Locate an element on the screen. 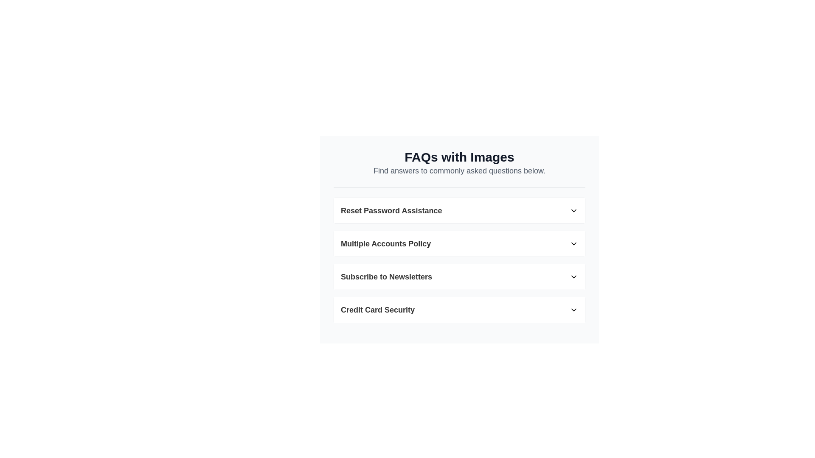 The height and width of the screenshot is (458, 815). descriptive text block that says 'Find answers to commonly asked questions below.', which is styled in a smaller font and positioned below the 'FAQs with Images' heading is located at coordinates (459, 170).